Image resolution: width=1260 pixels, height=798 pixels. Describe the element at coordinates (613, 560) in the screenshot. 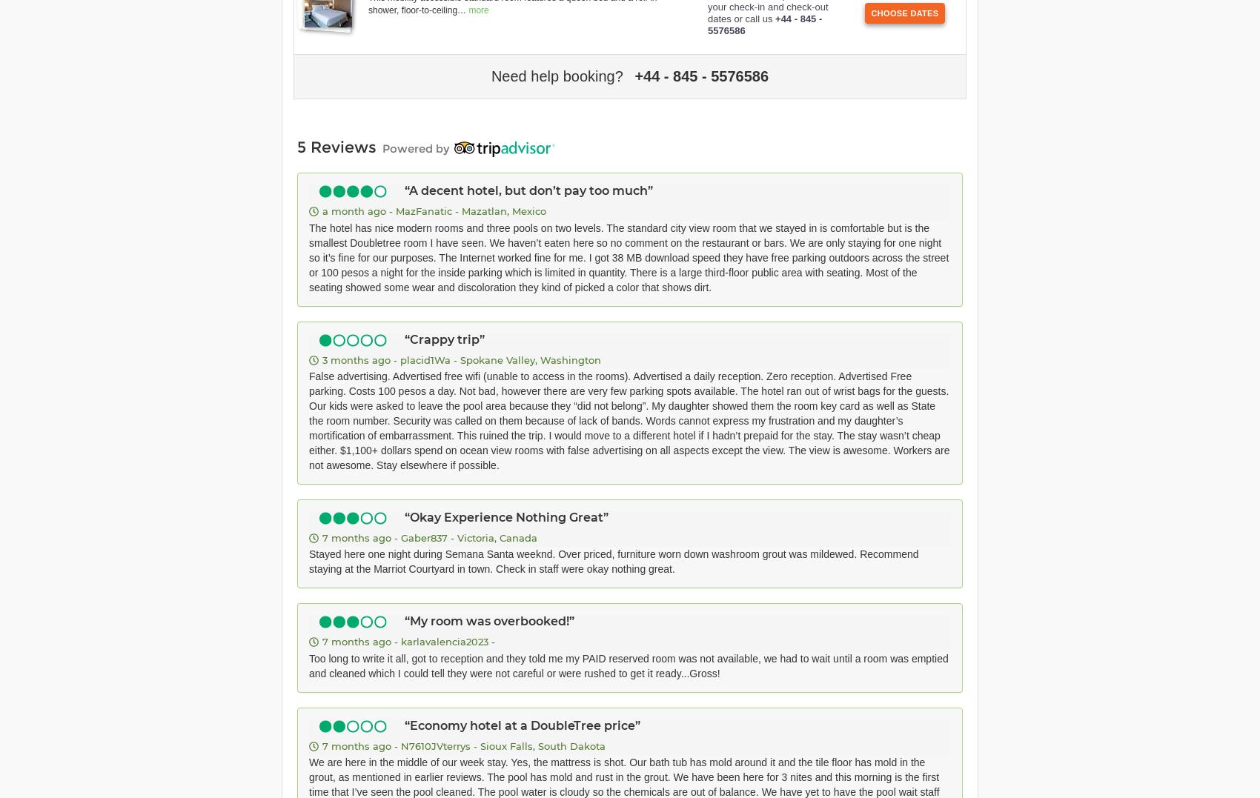

I see `'Stayed here one night during Semana Santa weeknd.  Over priced, furniture worn down washroom grout was mildewed. Recommend staying at the Marriot Courtyard in town. Check in staff were okay nothing great.'` at that location.